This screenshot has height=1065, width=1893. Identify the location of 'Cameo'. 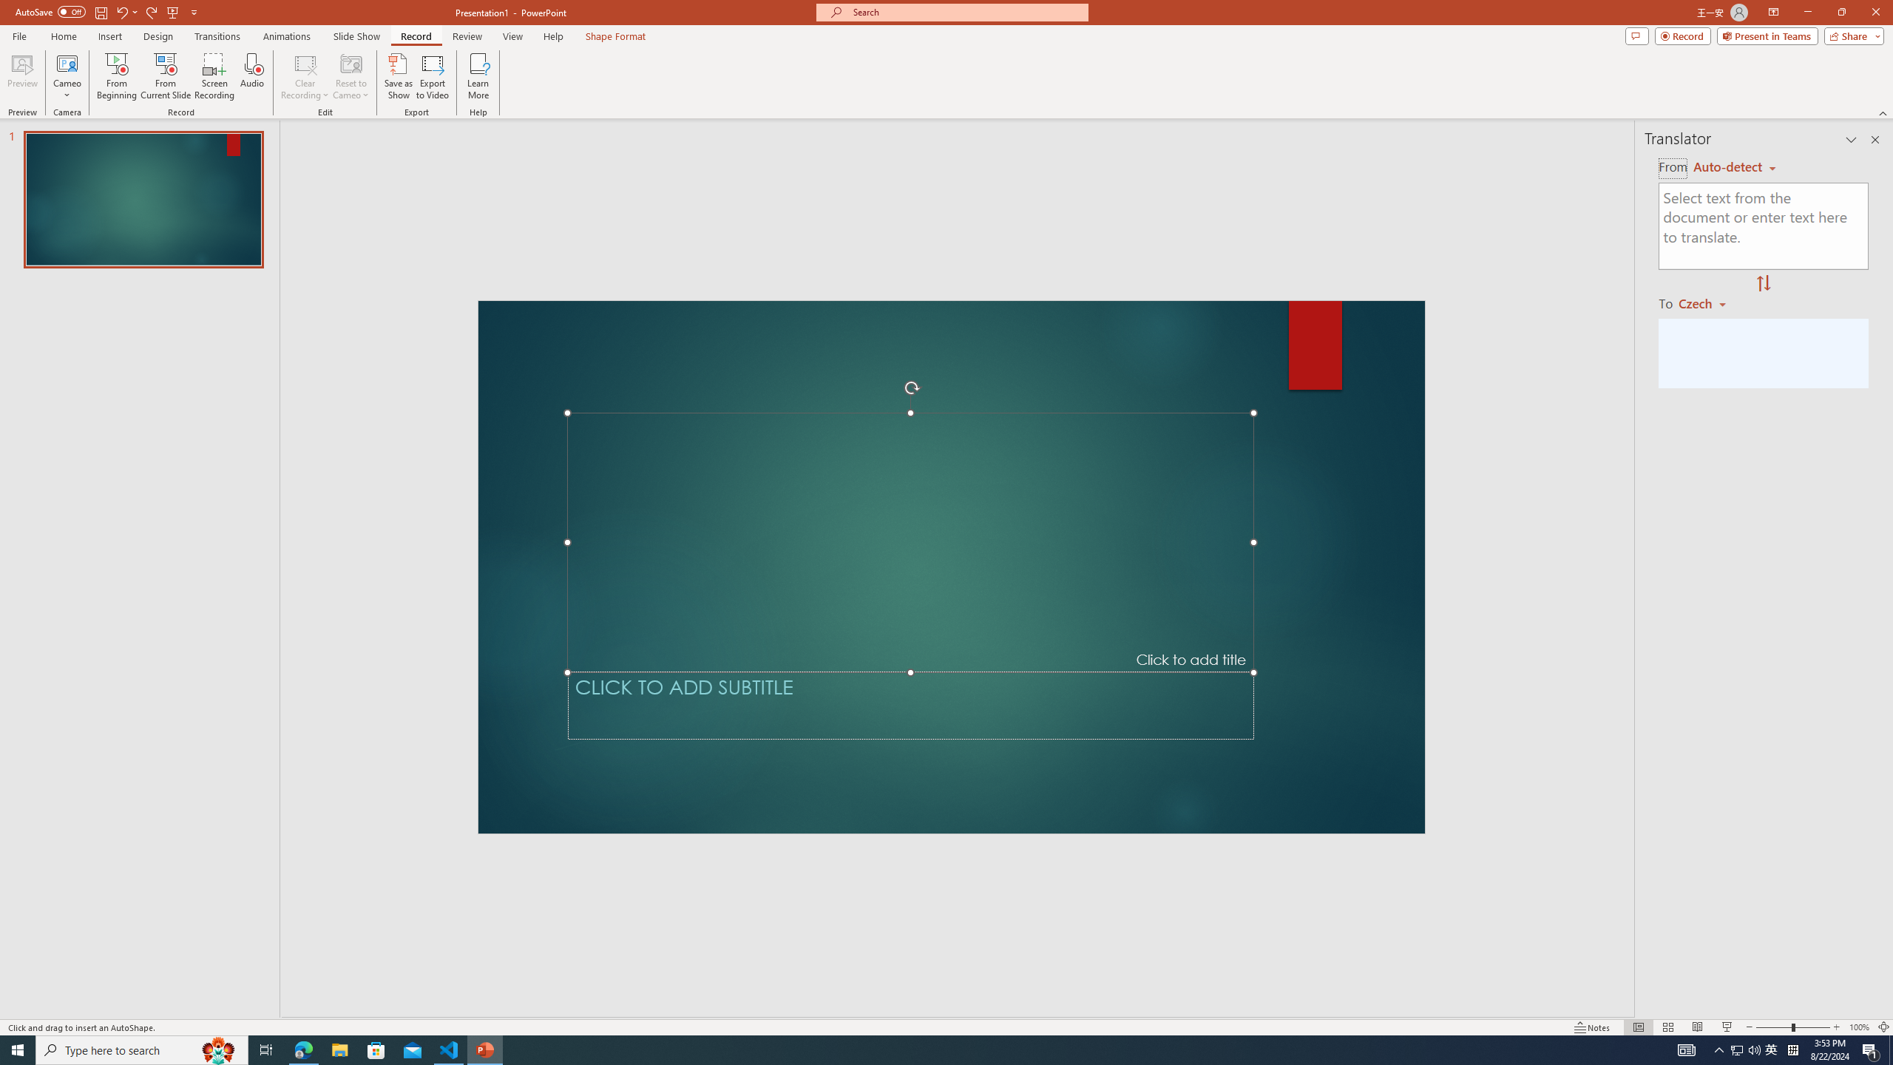
(66, 76).